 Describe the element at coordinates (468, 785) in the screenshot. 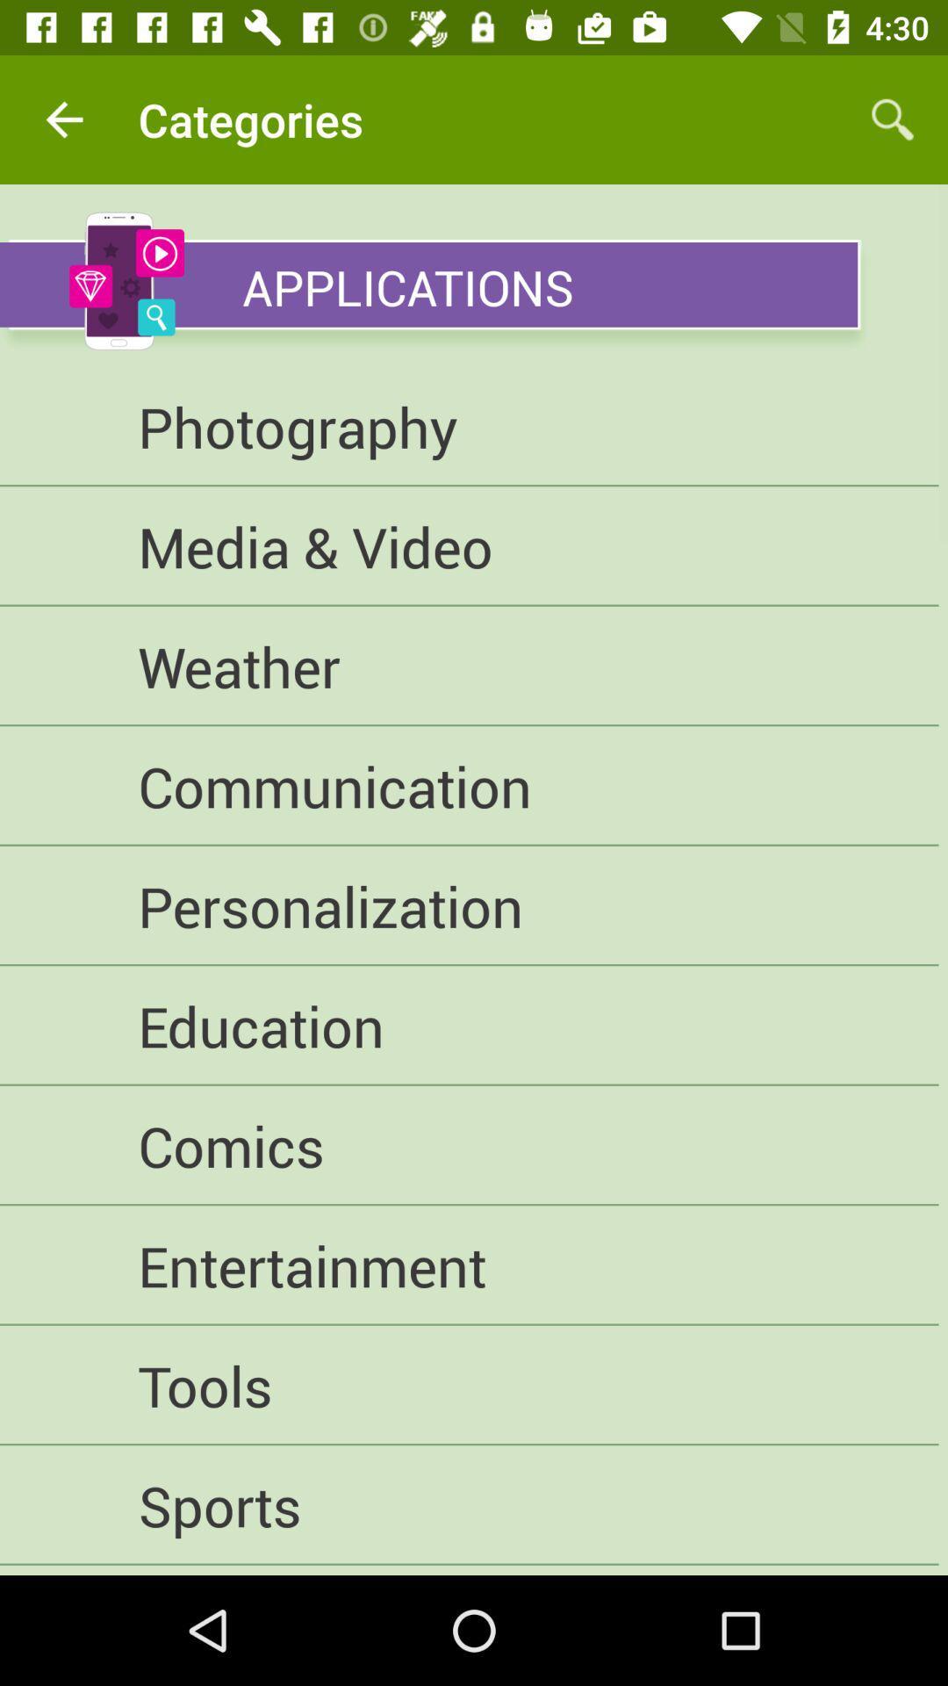

I see `the item below weather` at that location.